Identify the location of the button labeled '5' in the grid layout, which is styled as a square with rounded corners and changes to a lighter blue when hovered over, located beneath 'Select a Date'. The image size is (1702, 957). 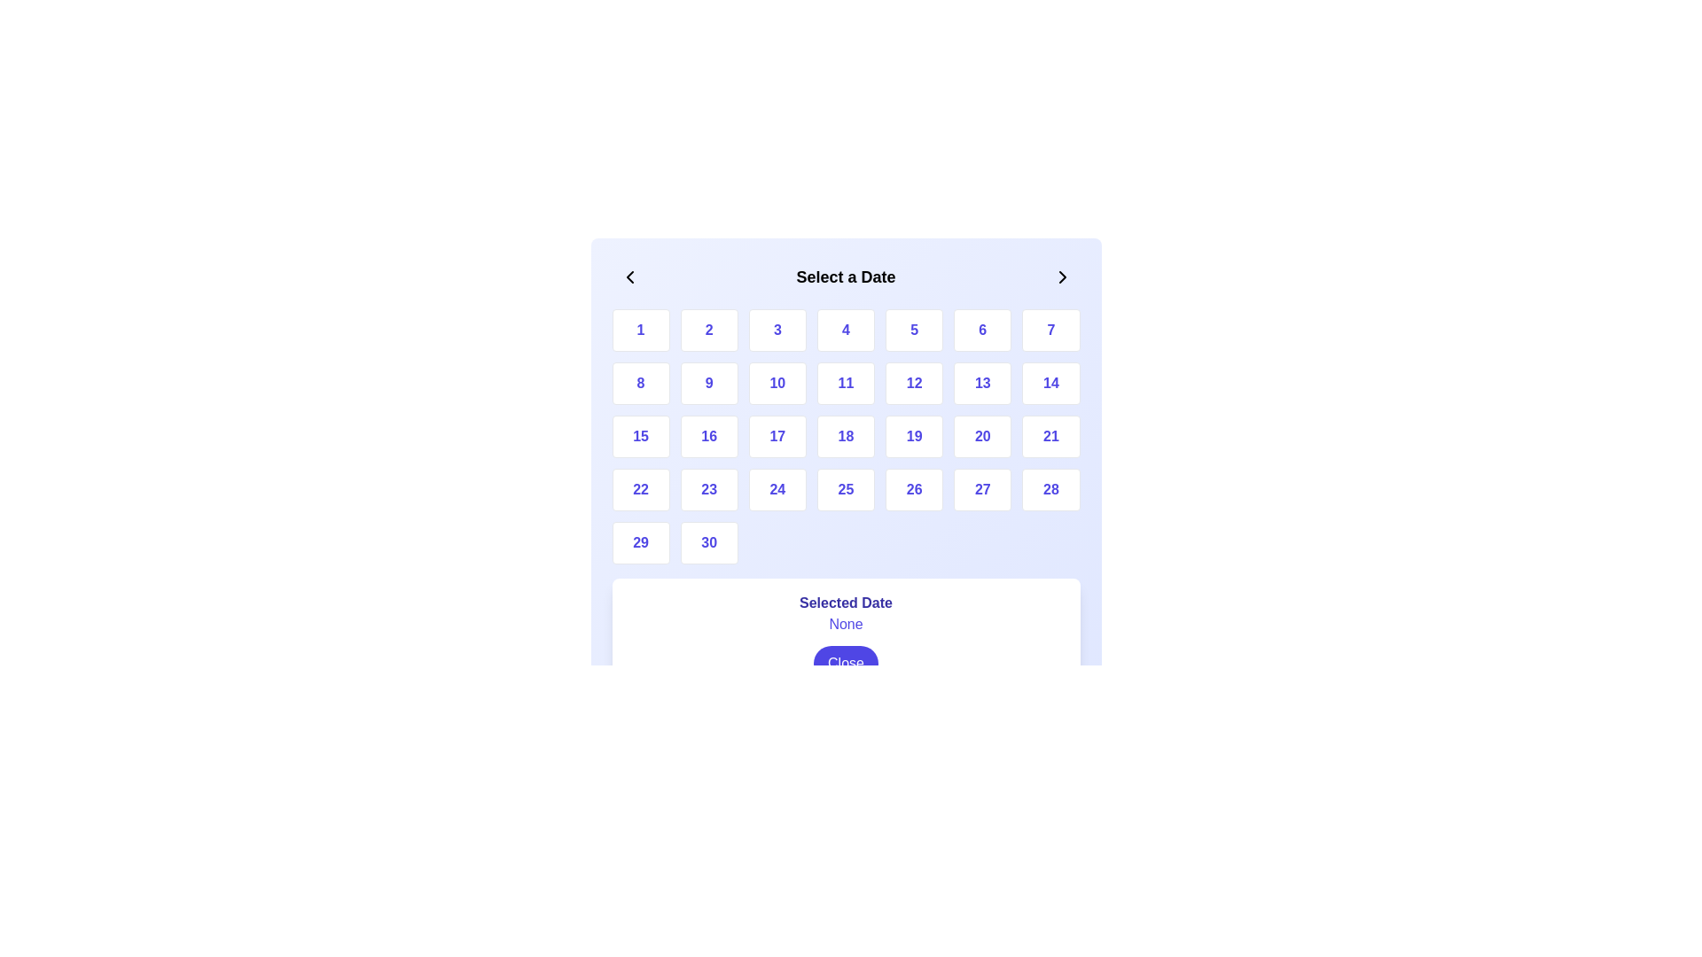
(914, 331).